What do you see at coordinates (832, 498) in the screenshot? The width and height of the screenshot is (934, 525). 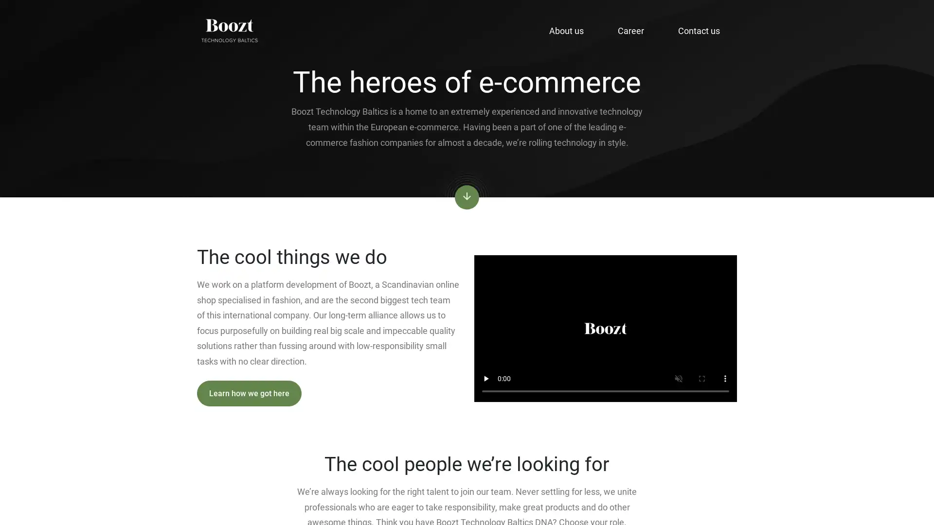 I see `dismiss cookie message` at bounding box center [832, 498].